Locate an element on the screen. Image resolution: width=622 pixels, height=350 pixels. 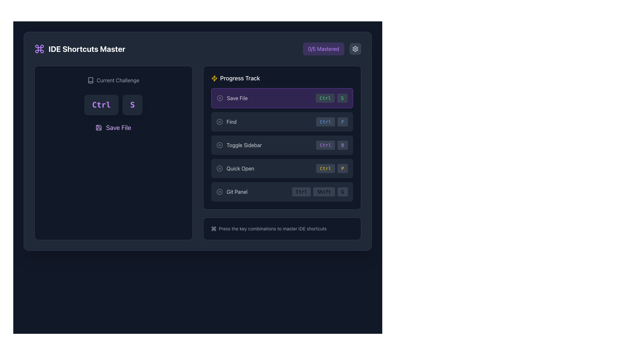
the Information Display Badge located in the upper-right corner of the header section, adjacent to the settings icon, which indicates the user's progress with none out of five tasks completed is located at coordinates (332, 48).